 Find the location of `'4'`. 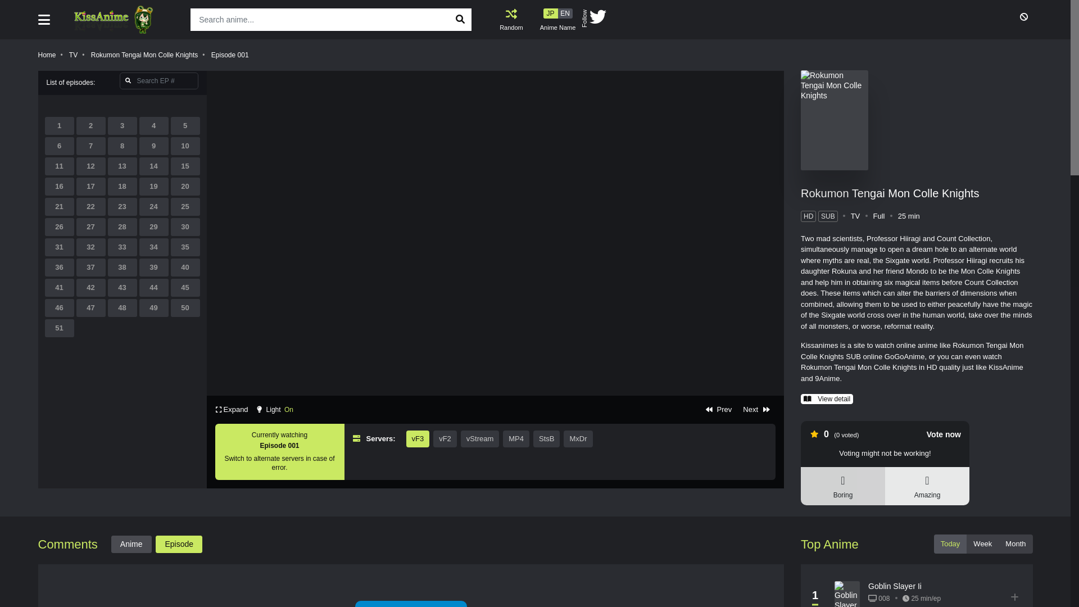

'4' is located at coordinates (153, 125).